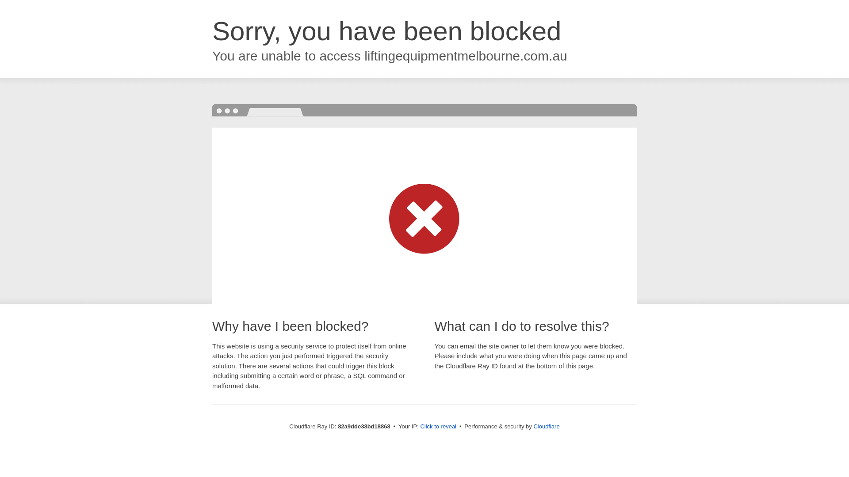 The image size is (849, 477). Describe the element at coordinates (438, 426) in the screenshot. I see `'Click to reveal'` at that location.